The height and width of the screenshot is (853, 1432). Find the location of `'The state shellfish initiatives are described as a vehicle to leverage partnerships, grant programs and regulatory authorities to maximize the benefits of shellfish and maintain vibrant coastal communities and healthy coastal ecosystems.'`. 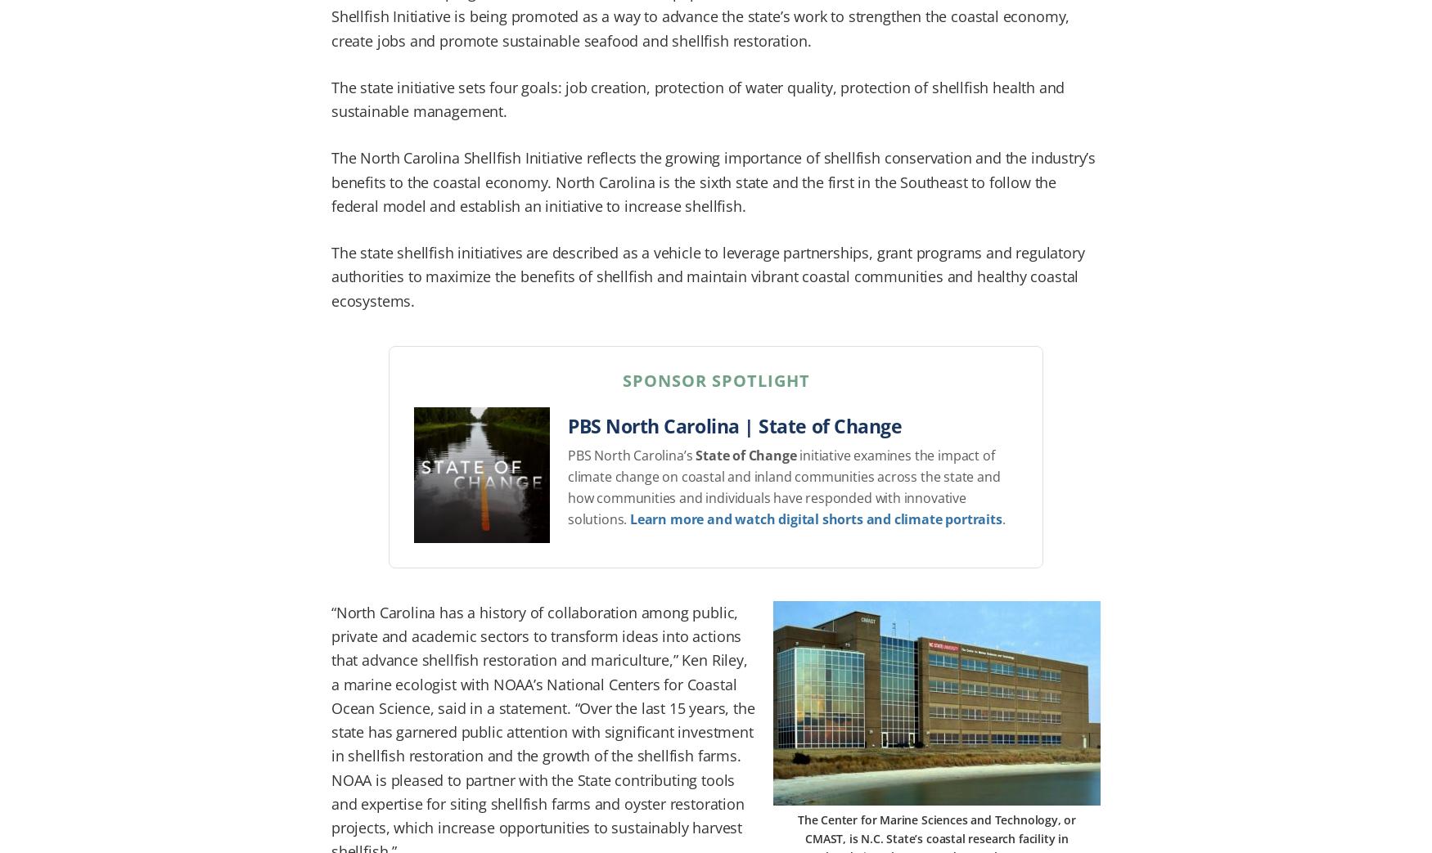

'The state shellfish initiatives are described as a vehicle to leverage partnerships, grant programs and regulatory authorities to maximize the benefits of shellfish and maintain vibrant coastal communities and healthy coastal ecosystems.' is located at coordinates (708, 276).